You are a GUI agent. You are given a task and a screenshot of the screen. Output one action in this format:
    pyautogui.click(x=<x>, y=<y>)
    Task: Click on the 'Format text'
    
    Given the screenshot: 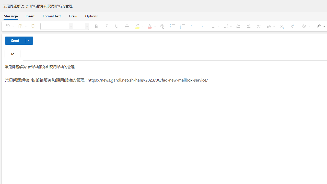 What is the action you would take?
    pyautogui.click(x=52, y=16)
    